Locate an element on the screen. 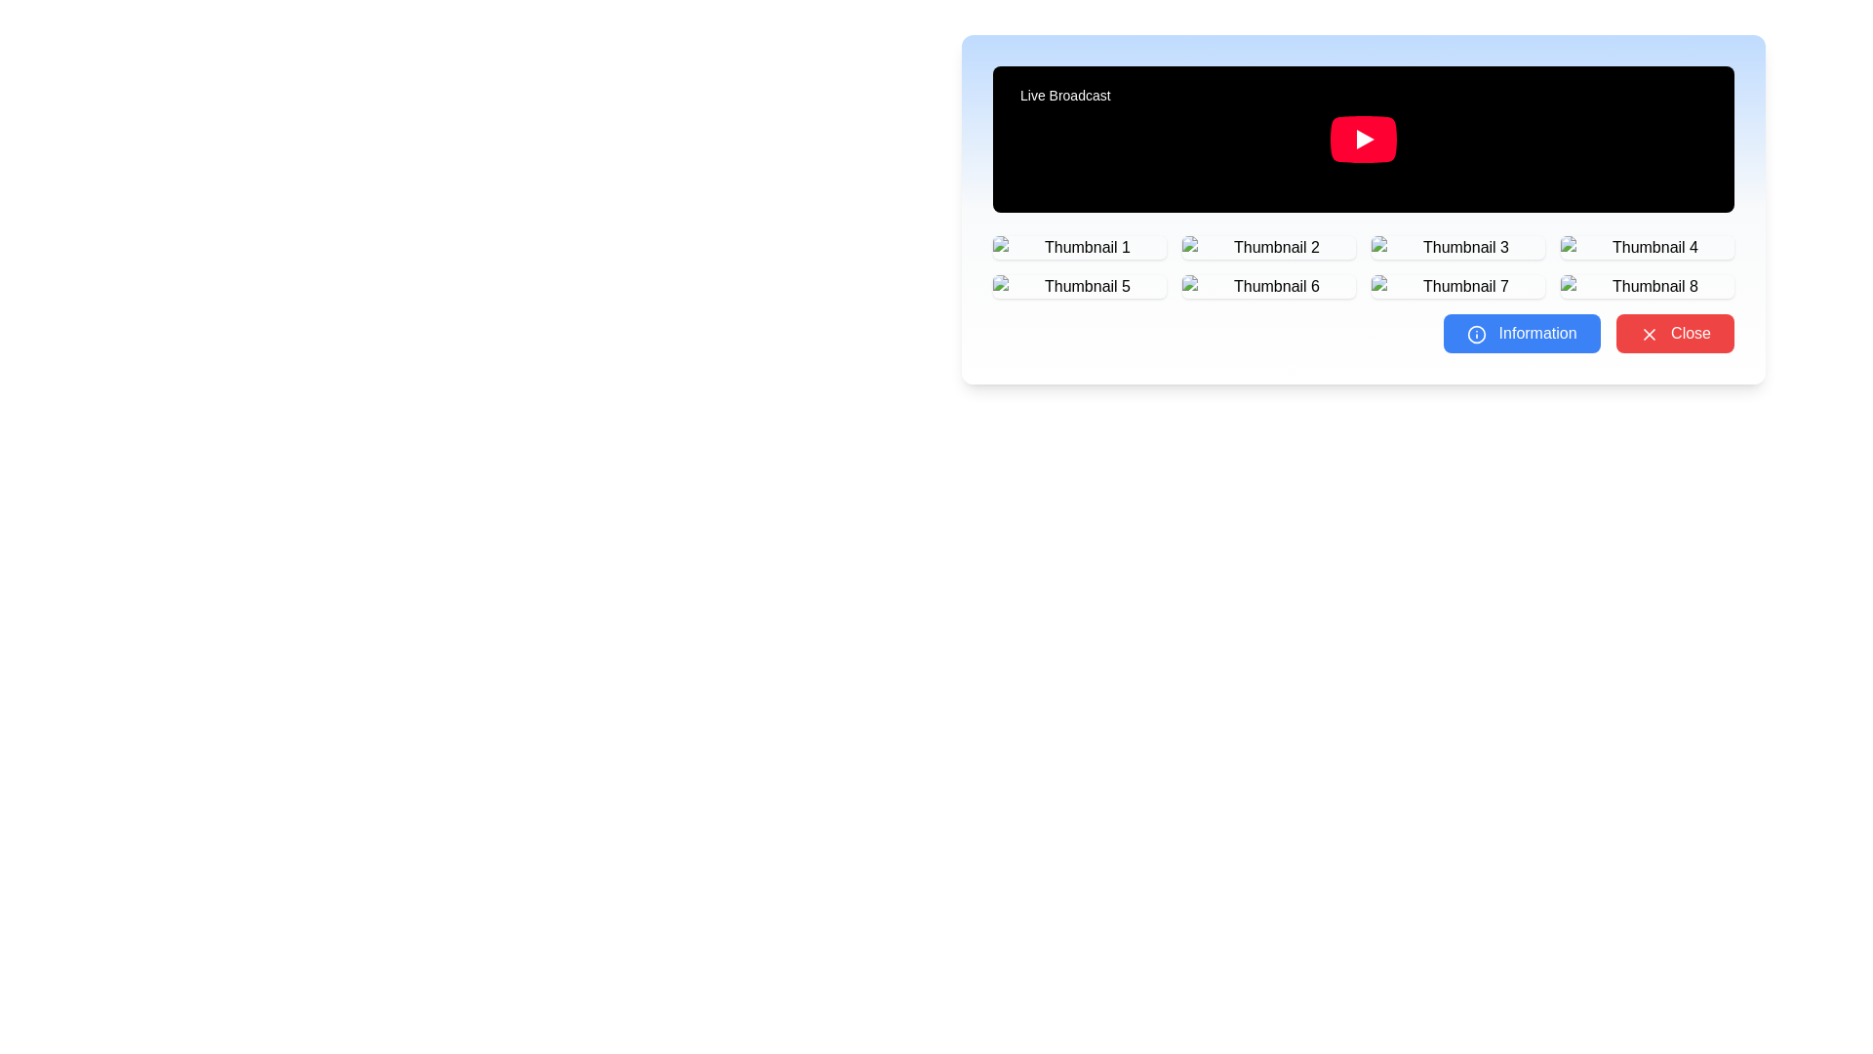 Image resolution: width=1873 pixels, height=1054 pixels. the outer circle of the play button SVG icon located in the middle of the Thumbnail 4 button in the second row of buttons under the video display area is located at coordinates (1647, 247).